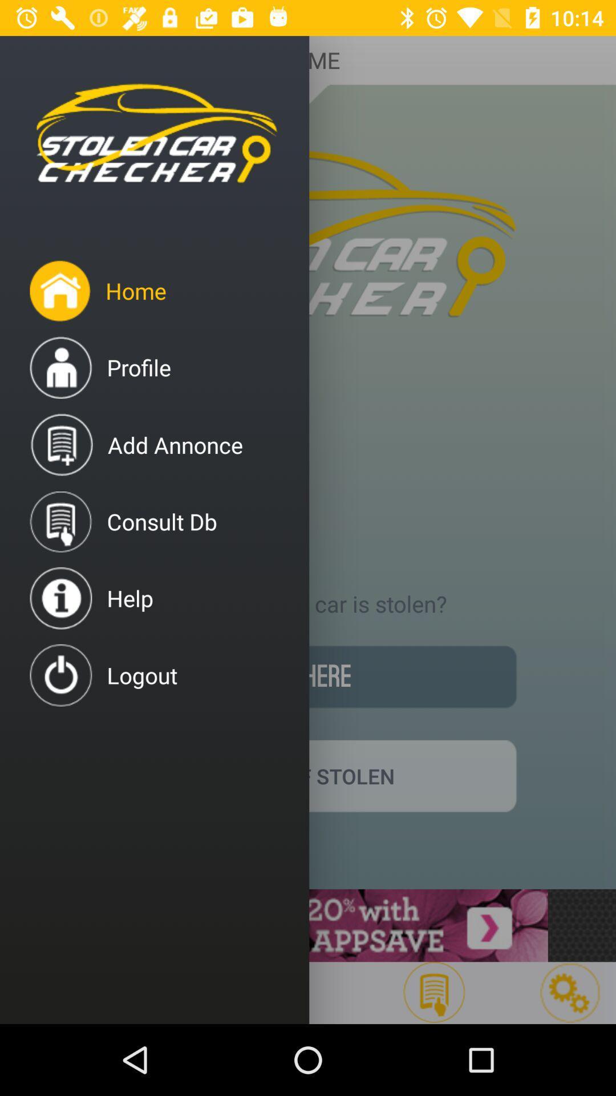  I want to click on the settings icon, so click(570, 992).